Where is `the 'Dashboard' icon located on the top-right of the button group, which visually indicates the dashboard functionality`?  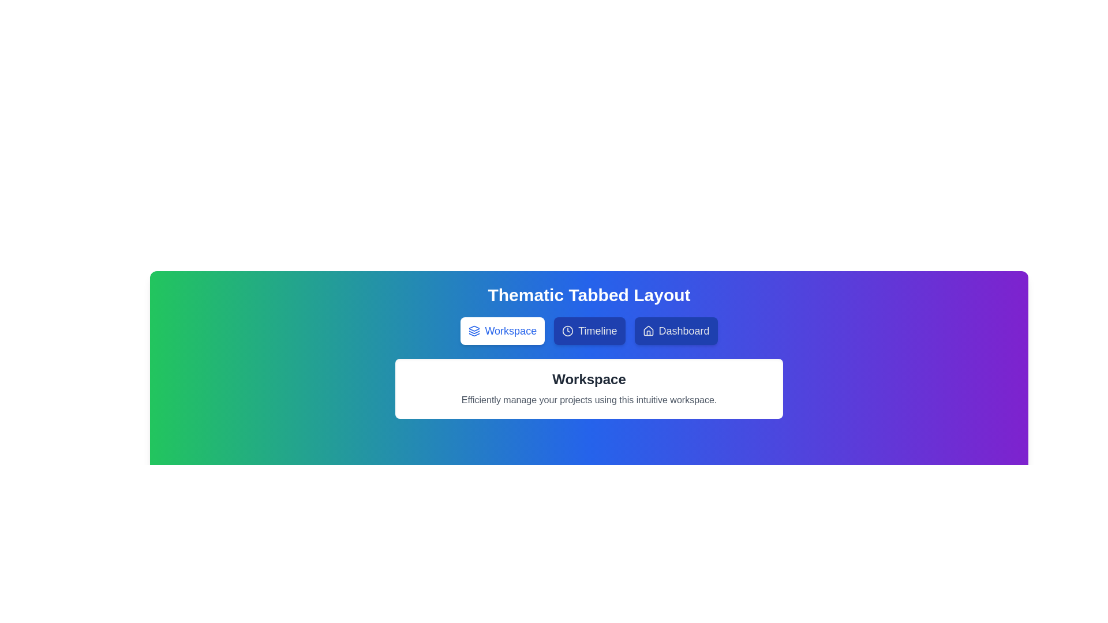
the 'Dashboard' icon located on the top-right of the button group, which visually indicates the dashboard functionality is located at coordinates (648, 331).